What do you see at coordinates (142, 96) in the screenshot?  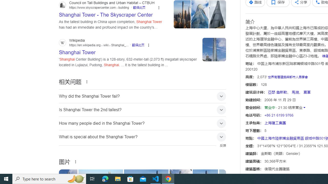 I see `'Why did the Shanghai Tower fail?'` at bounding box center [142, 96].